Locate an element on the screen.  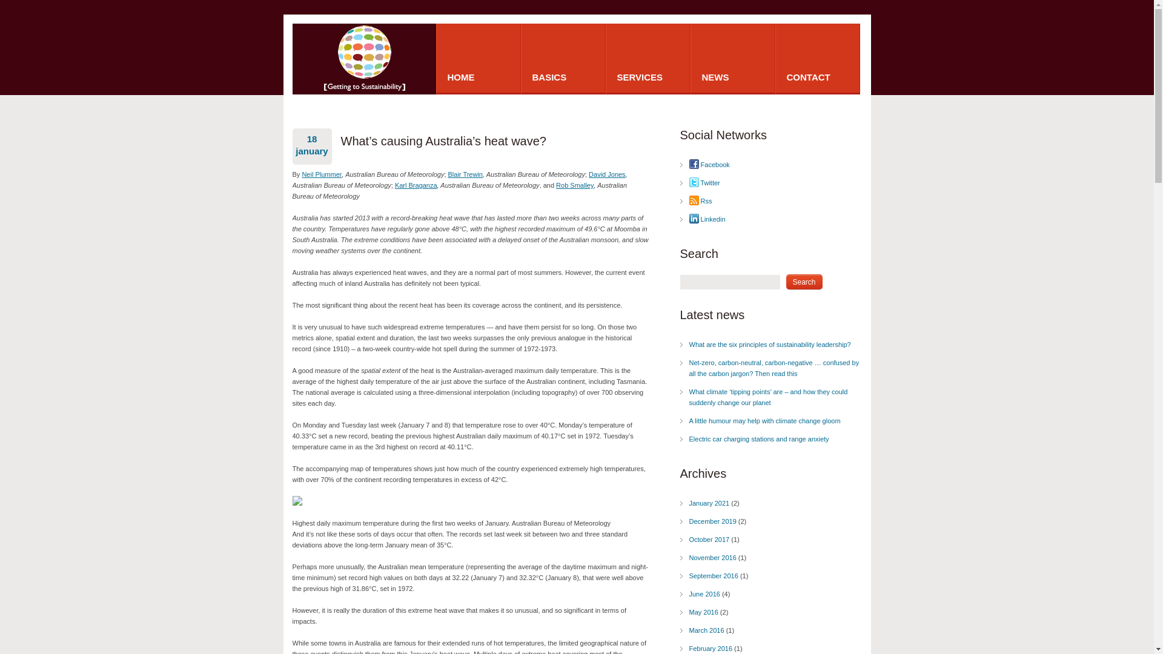
'CONTACT' is located at coordinates (817, 59).